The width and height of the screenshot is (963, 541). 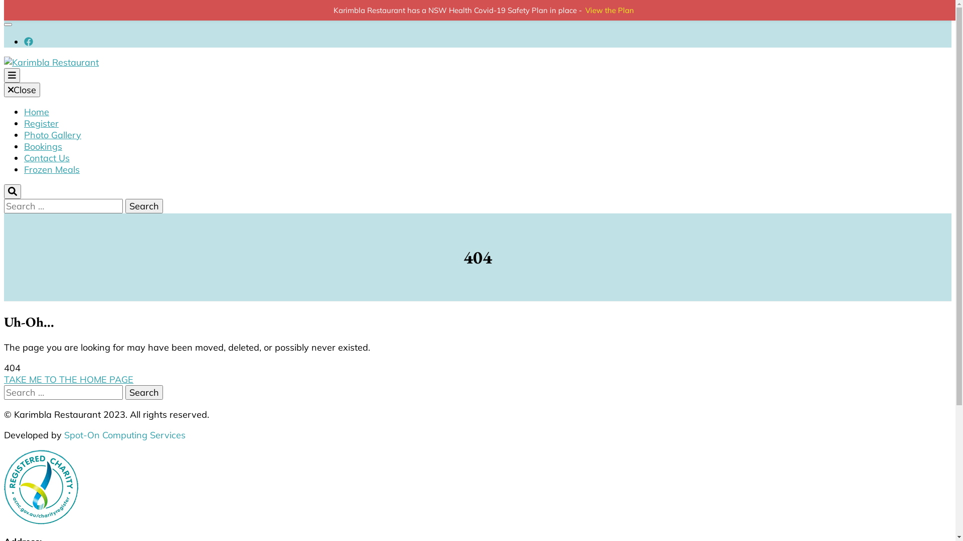 I want to click on 'Frozen Meals', so click(x=51, y=169).